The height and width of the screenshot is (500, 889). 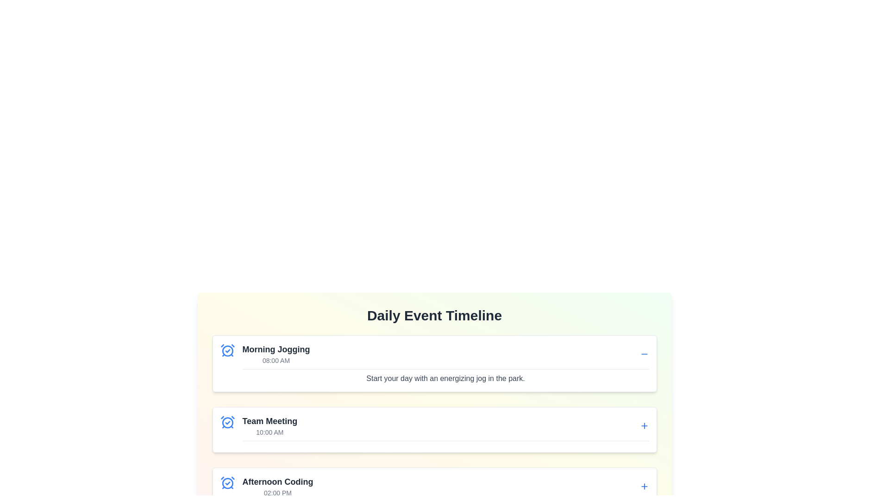 What do you see at coordinates (227, 423) in the screenshot?
I see `the central circular part of the clock icon located in the 'Team Meeting' section of the timeline interface` at bounding box center [227, 423].